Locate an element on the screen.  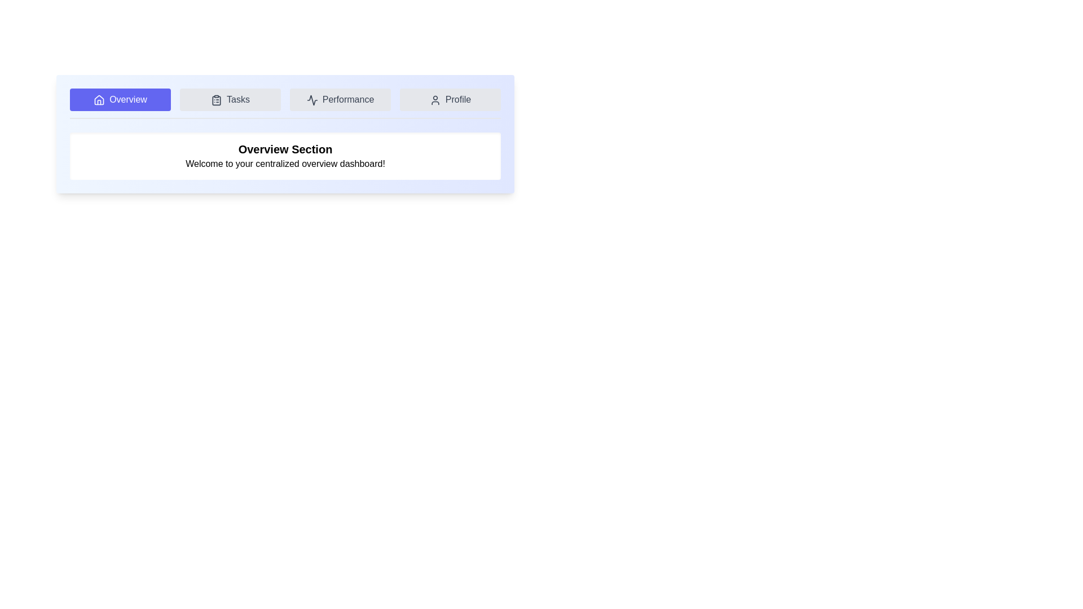
the 'Overview Section' informational block with a white background, bold header, and rounded corners, which is located below the navigation bar is located at coordinates (285, 156).